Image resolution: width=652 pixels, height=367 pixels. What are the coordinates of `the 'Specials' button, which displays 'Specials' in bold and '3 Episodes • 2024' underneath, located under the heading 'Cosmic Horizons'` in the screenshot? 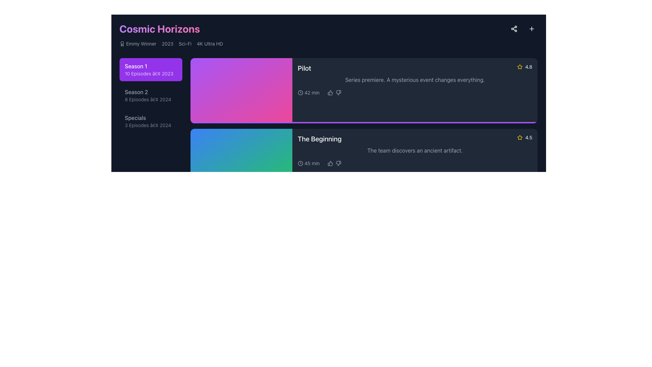 It's located at (150, 121).